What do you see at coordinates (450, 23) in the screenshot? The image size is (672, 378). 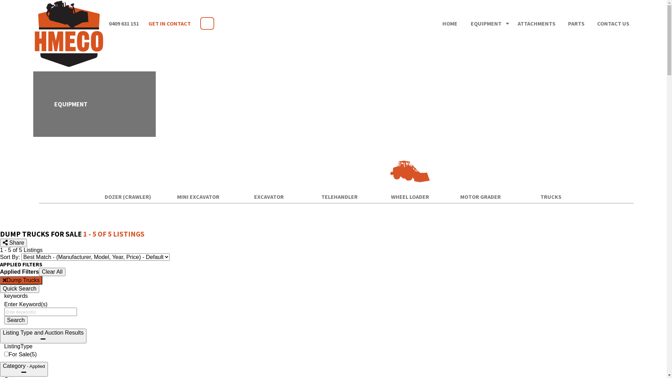 I see `'HOME'` at bounding box center [450, 23].